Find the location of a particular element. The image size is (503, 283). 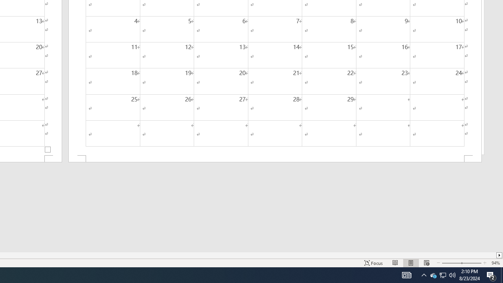

'Column right' is located at coordinates (499, 255).